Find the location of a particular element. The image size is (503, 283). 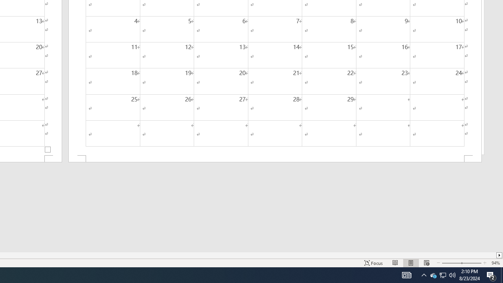

'Column right' is located at coordinates (499, 255).